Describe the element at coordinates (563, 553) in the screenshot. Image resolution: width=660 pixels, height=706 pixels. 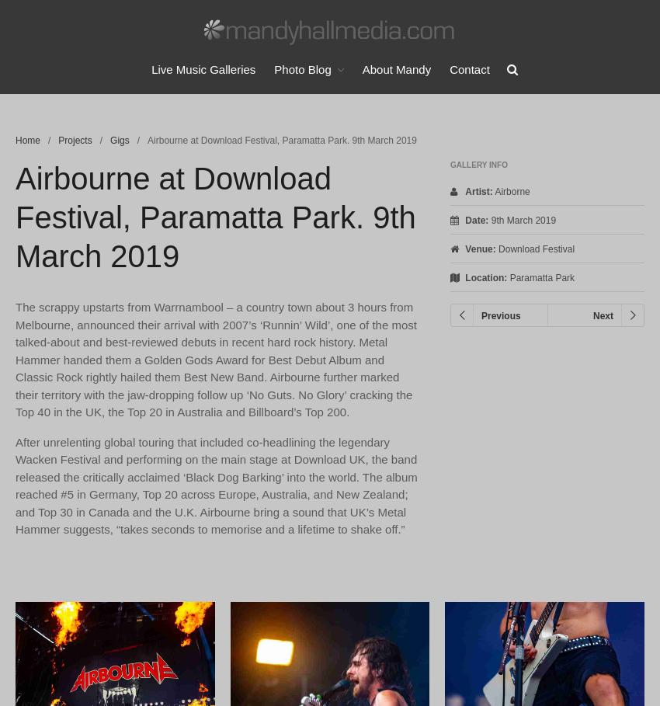
I see `'Tim Rogers, Tex Perkins, Adalita, Phil Jamieson – The Stones Sticky Fingers, Enmore Theatre Feb 2022'` at that location.